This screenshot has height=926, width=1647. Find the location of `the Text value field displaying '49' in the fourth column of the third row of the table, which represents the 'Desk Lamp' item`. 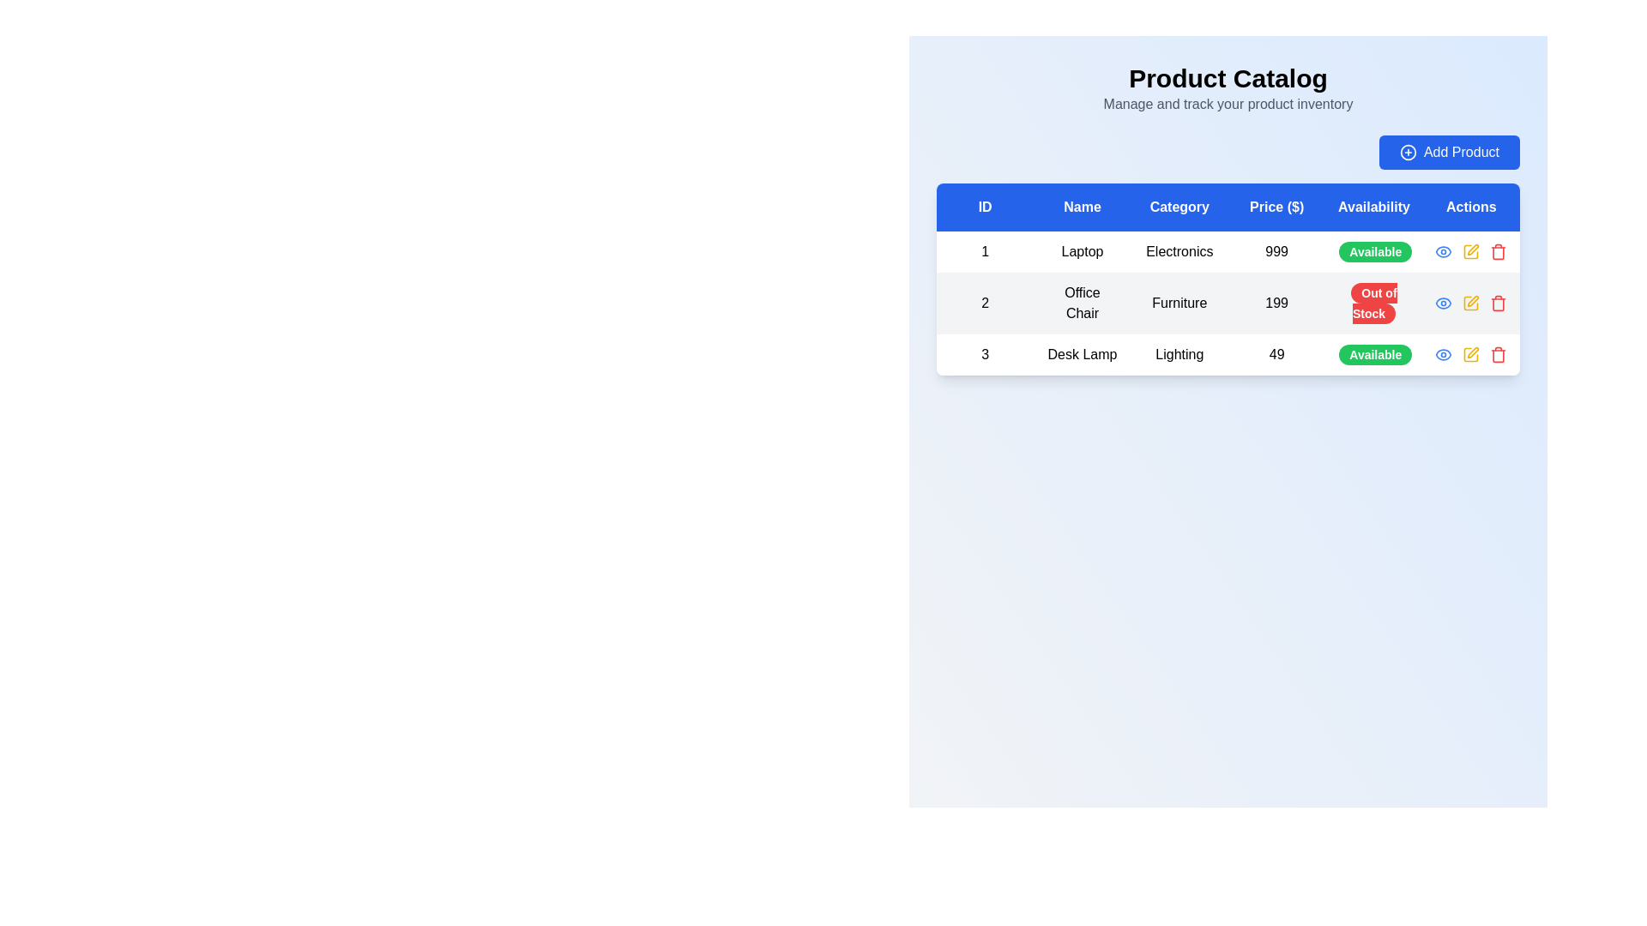

the Text value field displaying '49' in the fourth column of the third row of the table, which represents the 'Desk Lamp' item is located at coordinates (1276, 353).